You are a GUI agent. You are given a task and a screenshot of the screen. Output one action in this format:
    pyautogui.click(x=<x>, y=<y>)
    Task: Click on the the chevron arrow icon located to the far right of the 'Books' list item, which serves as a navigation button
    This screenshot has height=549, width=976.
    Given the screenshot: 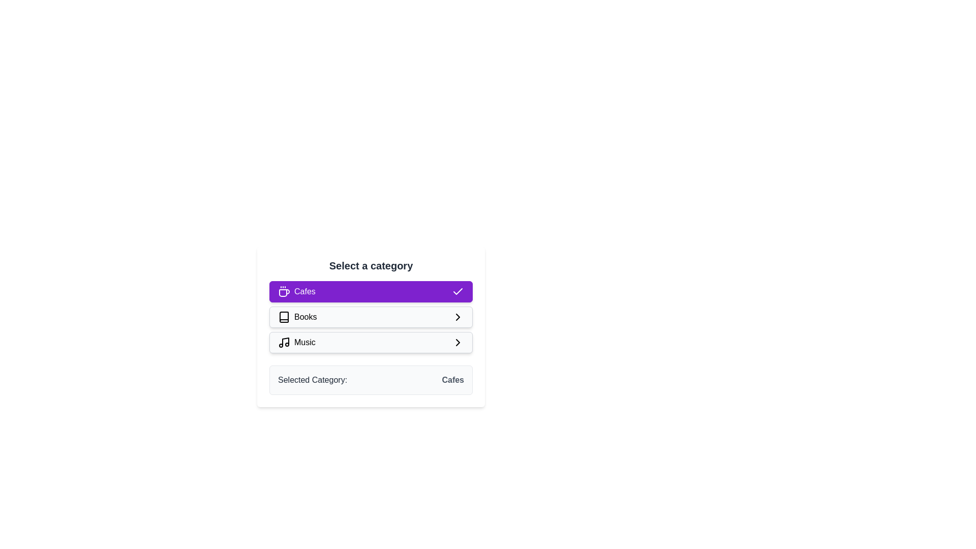 What is the action you would take?
    pyautogui.click(x=457, y=317)
    